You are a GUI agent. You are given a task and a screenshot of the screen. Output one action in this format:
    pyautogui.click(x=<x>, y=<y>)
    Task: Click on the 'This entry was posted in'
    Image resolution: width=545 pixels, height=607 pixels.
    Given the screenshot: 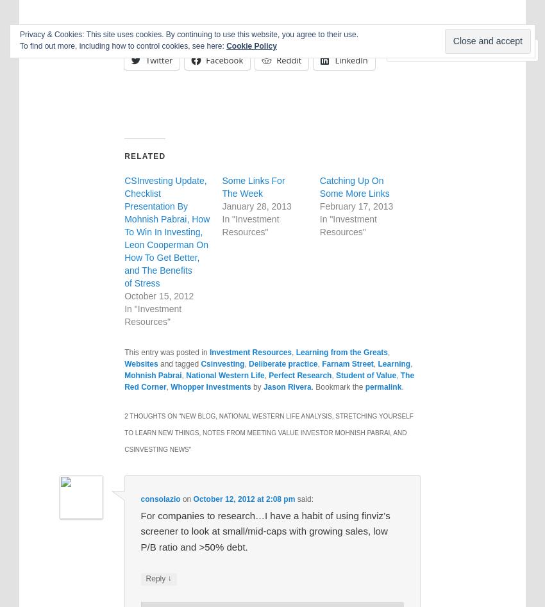 What is the action you would take?
    pyautogui.click(x=166, y=351)
    